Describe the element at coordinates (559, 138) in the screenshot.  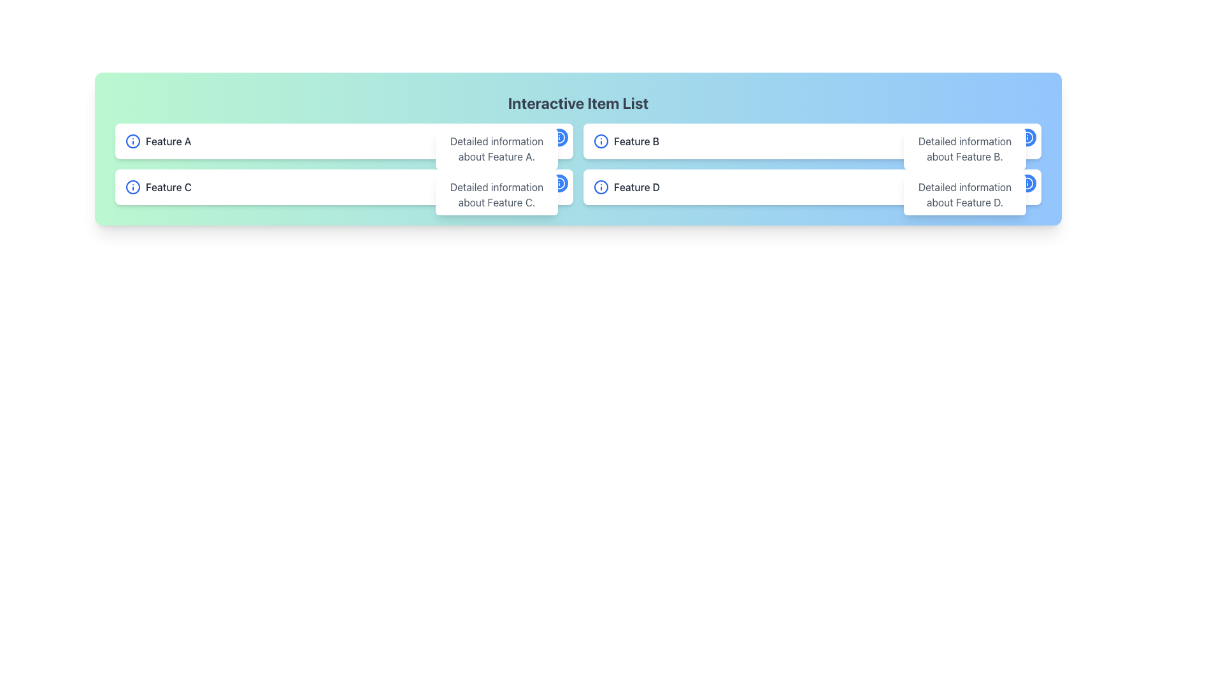
I see `the circular button with an SVG icon located in the top-right corner of the card containing 'Feature A'` at that location.